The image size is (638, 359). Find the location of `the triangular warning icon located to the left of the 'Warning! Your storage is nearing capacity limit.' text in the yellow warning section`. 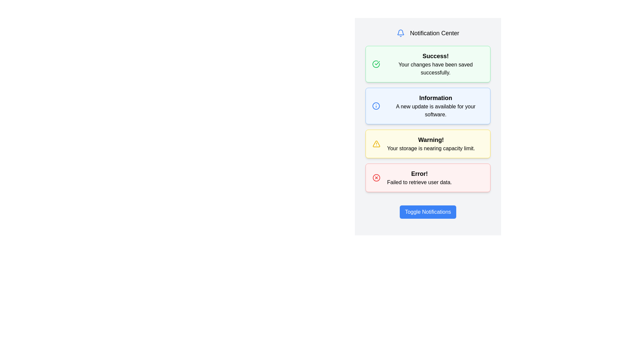

the triangular warning icon located to the left of the 'Warning! Your storage is nearing capacity limit.' text in the yellow warning section is located at coordinates (376, 143).